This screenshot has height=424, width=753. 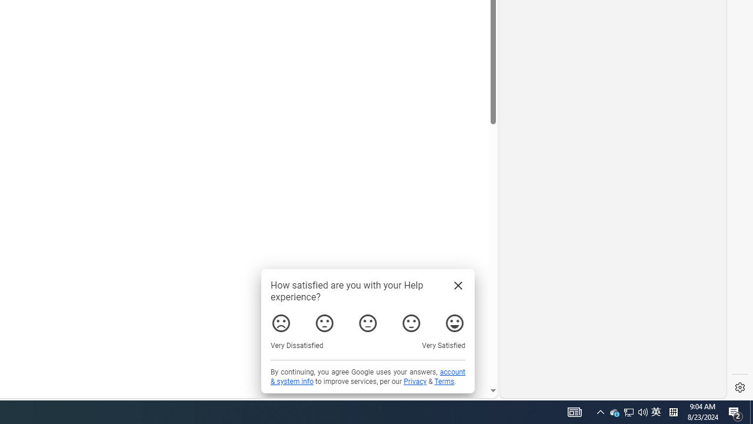 I want to click on 'Smiley 5 of 5. Very satisfied Very Satisfied', so click(x=454, y=323).